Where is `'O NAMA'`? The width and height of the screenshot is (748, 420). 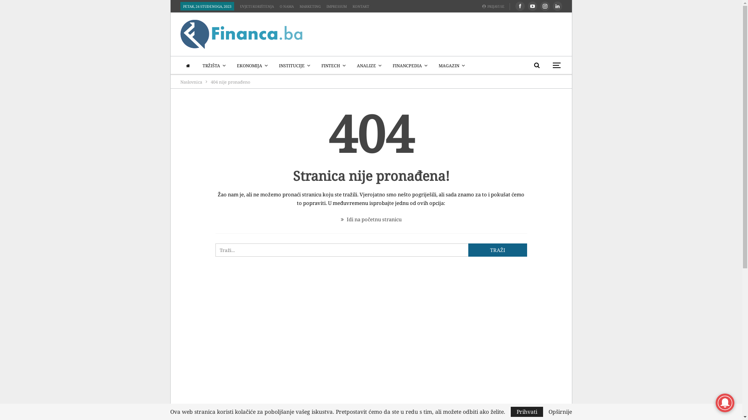
'O NAMA' is located at coordinates (286, 6).